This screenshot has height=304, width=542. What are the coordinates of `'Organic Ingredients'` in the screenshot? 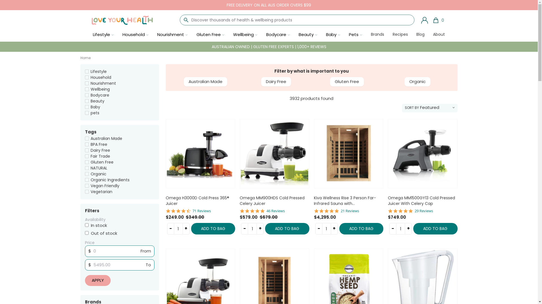 It's located at (91, 180).